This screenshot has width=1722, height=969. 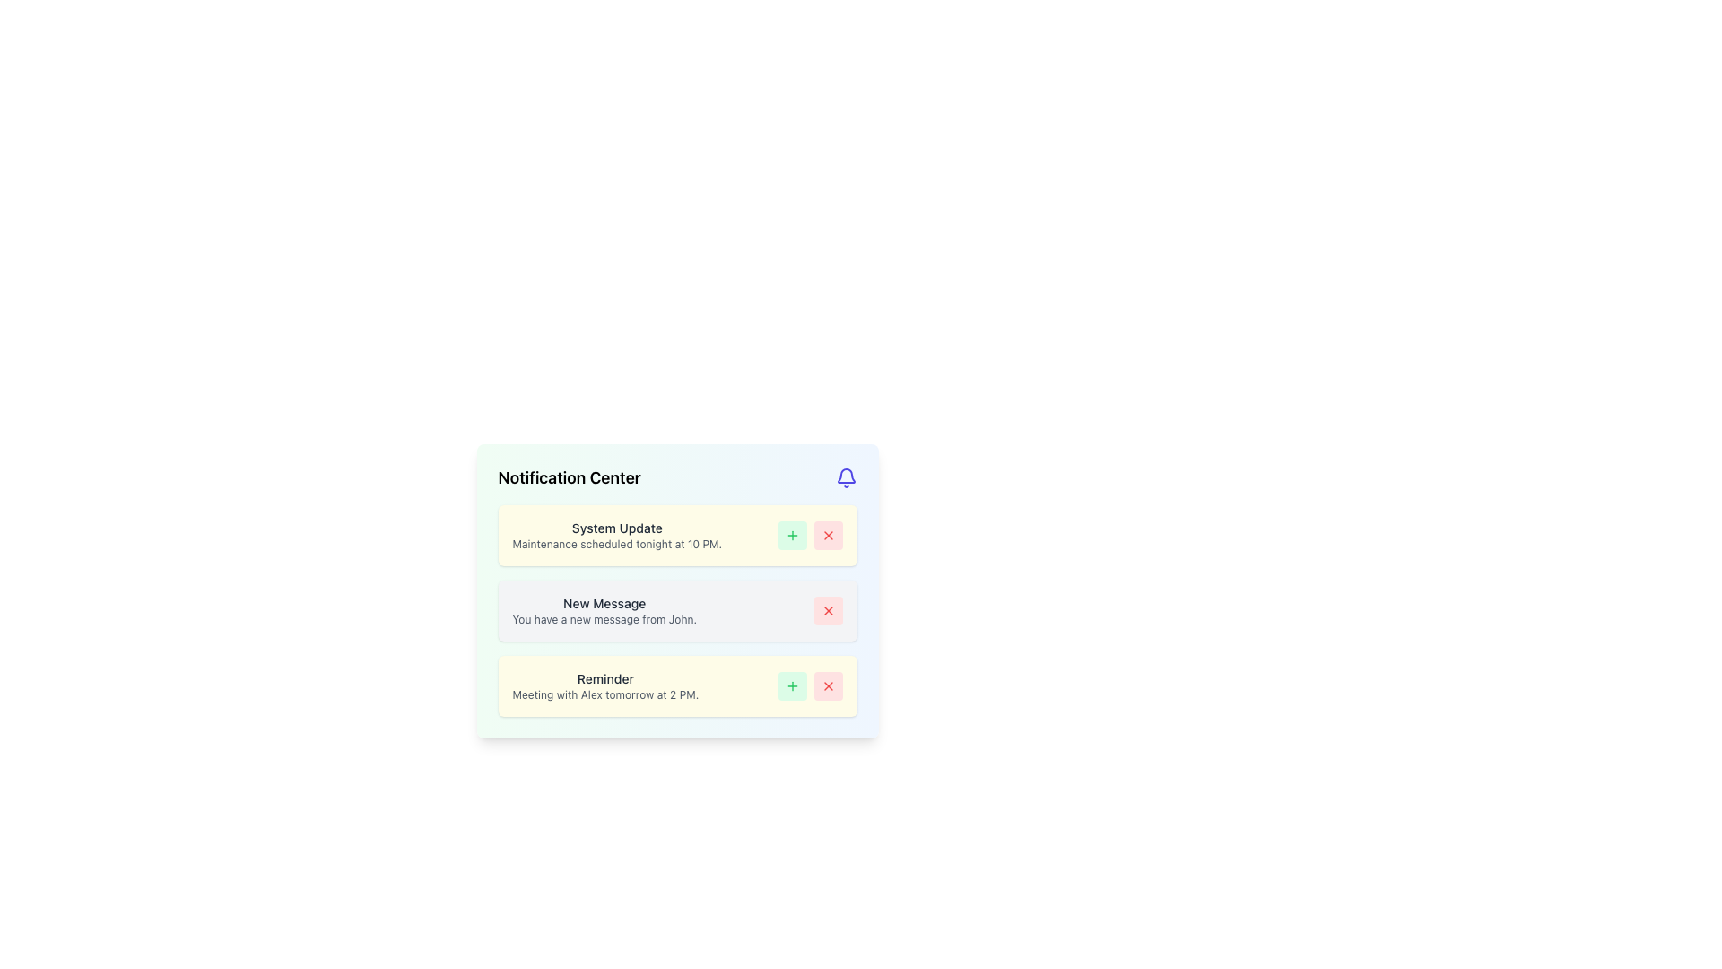 What do you see at coordinates (605, 678) in the screenshot?
I see `the Text Label at the top of the 'Reminder' notification card` at bounding box center [605, 678].